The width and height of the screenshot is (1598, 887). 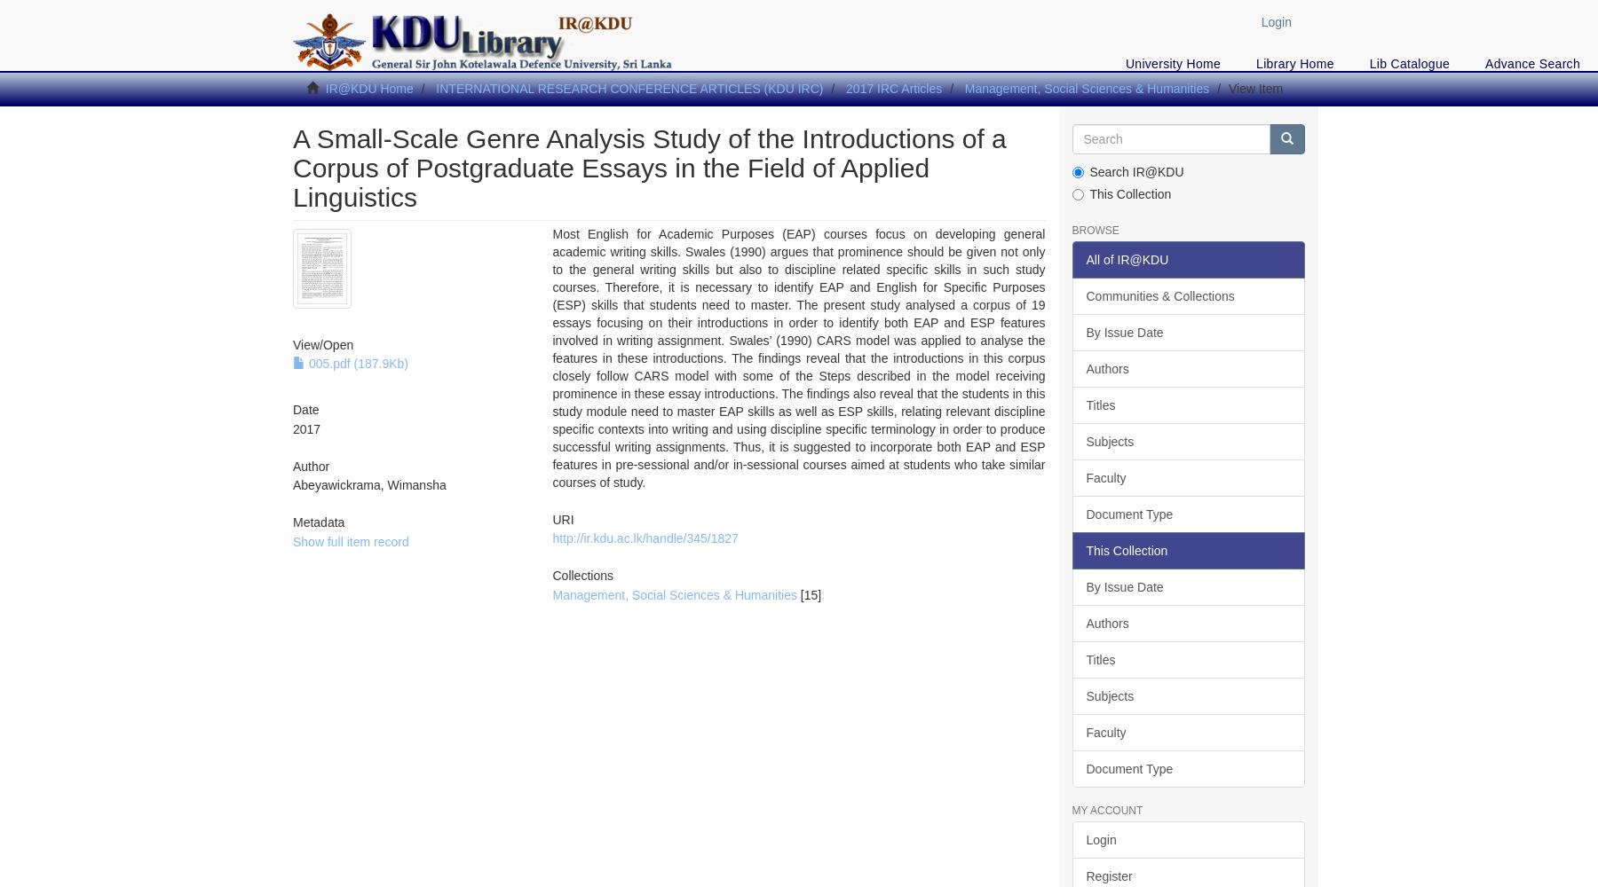 I want to click on '005.pdf (187.9Kb)', so click(x=356, y=364).